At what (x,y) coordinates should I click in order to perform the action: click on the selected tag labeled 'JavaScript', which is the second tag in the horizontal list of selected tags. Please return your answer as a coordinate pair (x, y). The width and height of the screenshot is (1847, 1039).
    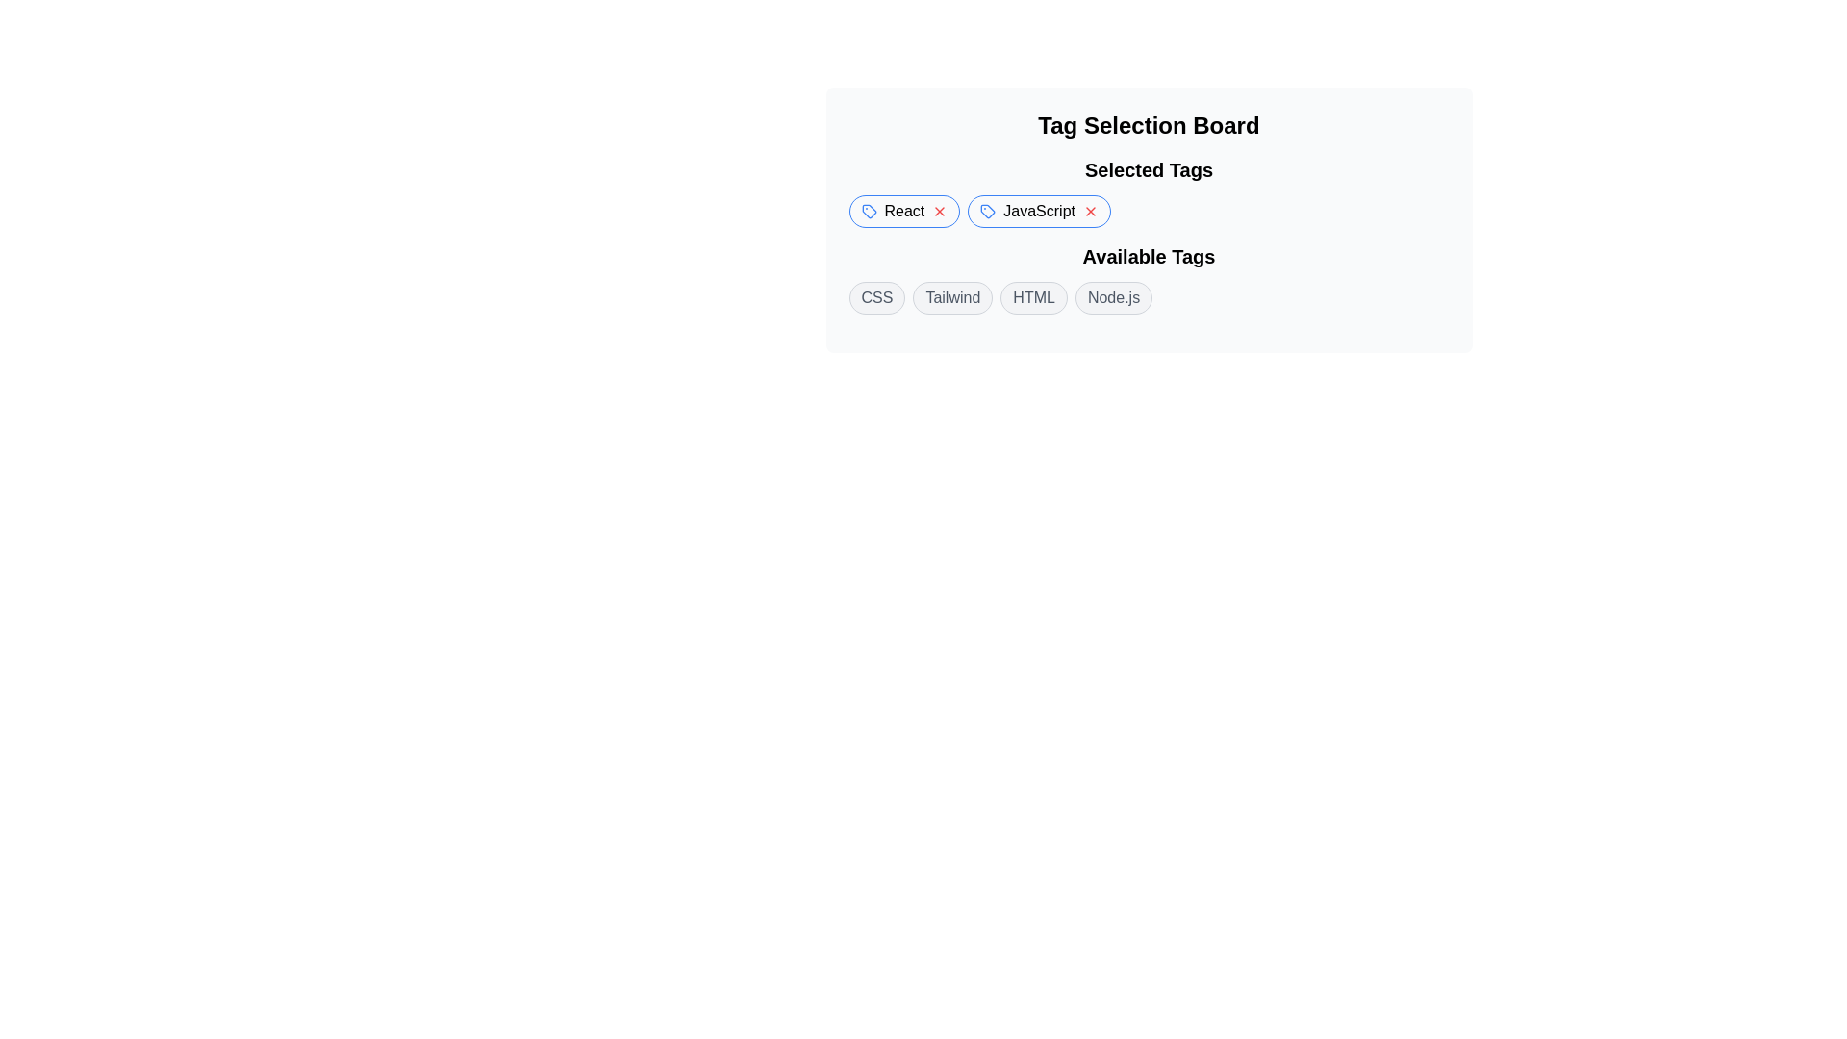
    Looking at the image, I should click on (1038, 211).